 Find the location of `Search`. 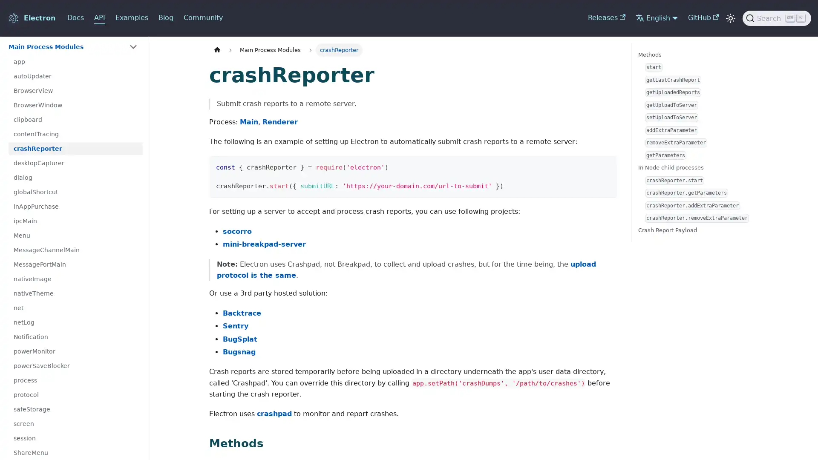

Search is located at coordinates (777, 18).